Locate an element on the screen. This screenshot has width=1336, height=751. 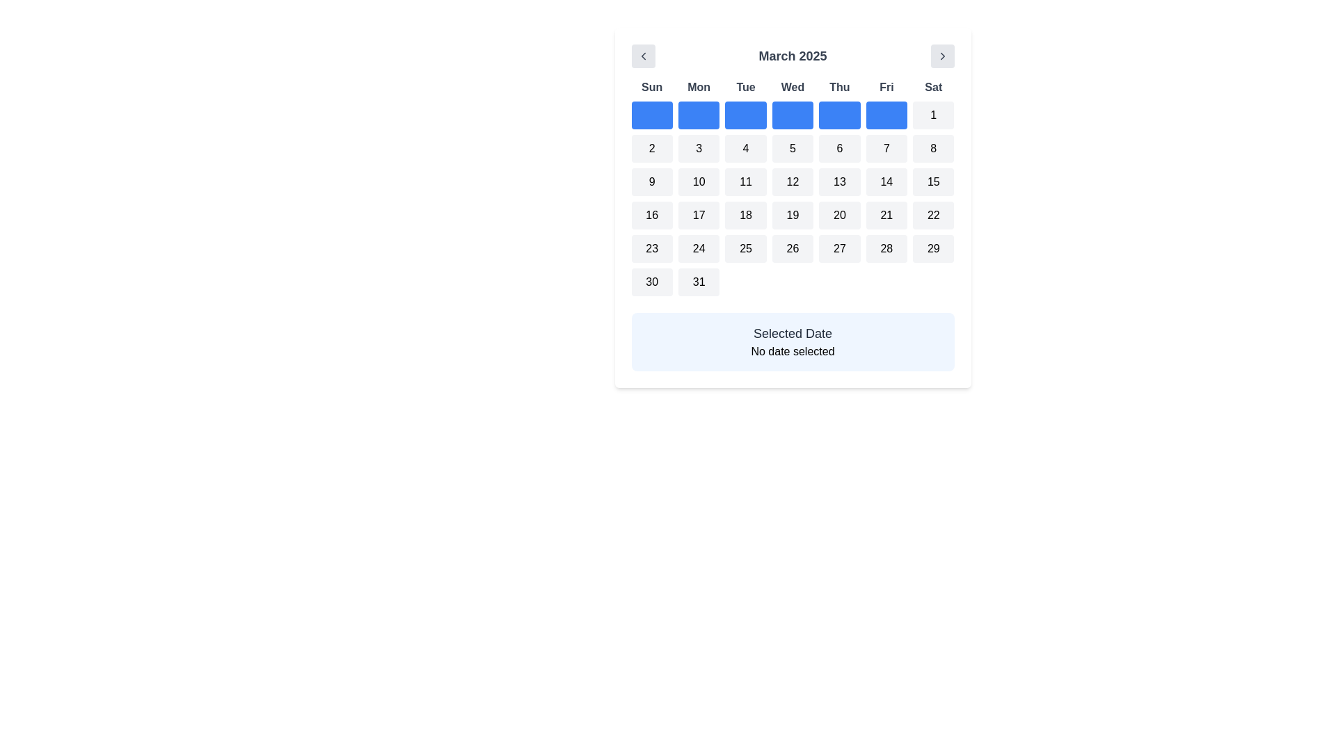
the static label displaying 'March 2025', which is centrally positioned at the top of the calendar interface and flanked by arrow icons is located at coordinates (793, 56).